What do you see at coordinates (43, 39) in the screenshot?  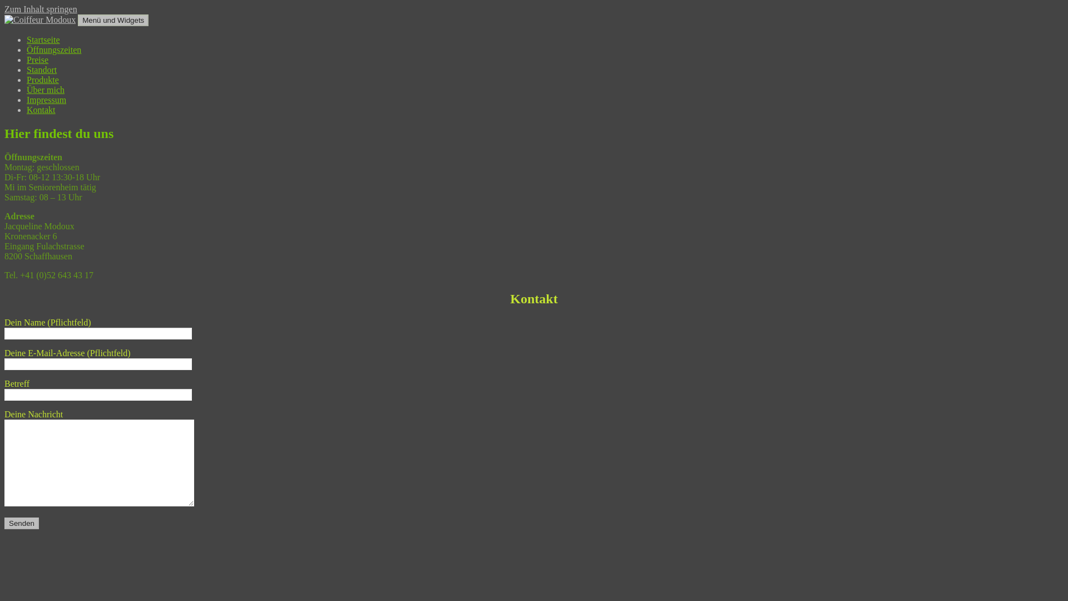 I see `'Startseite'` at bounding box center [43, 39].